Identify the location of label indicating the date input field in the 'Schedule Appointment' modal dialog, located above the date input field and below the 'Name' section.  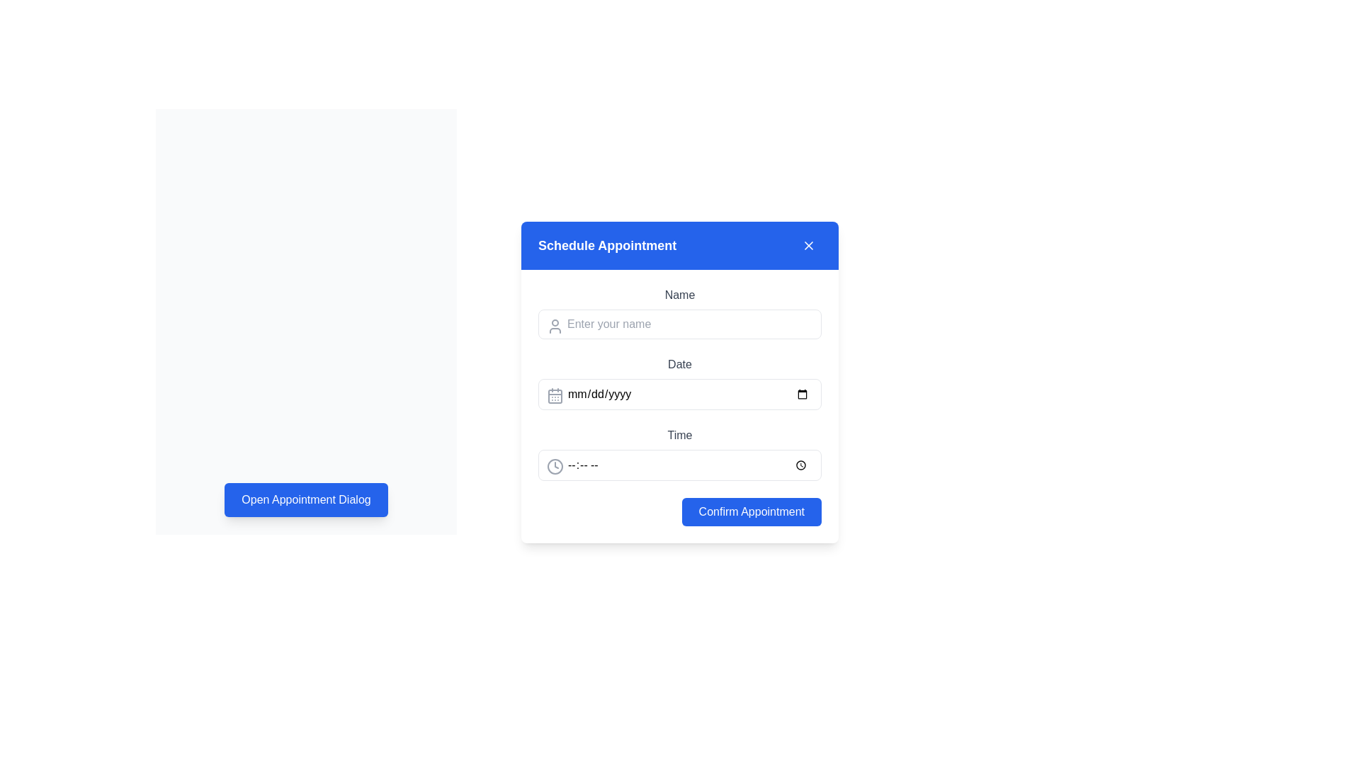
(680, 364).